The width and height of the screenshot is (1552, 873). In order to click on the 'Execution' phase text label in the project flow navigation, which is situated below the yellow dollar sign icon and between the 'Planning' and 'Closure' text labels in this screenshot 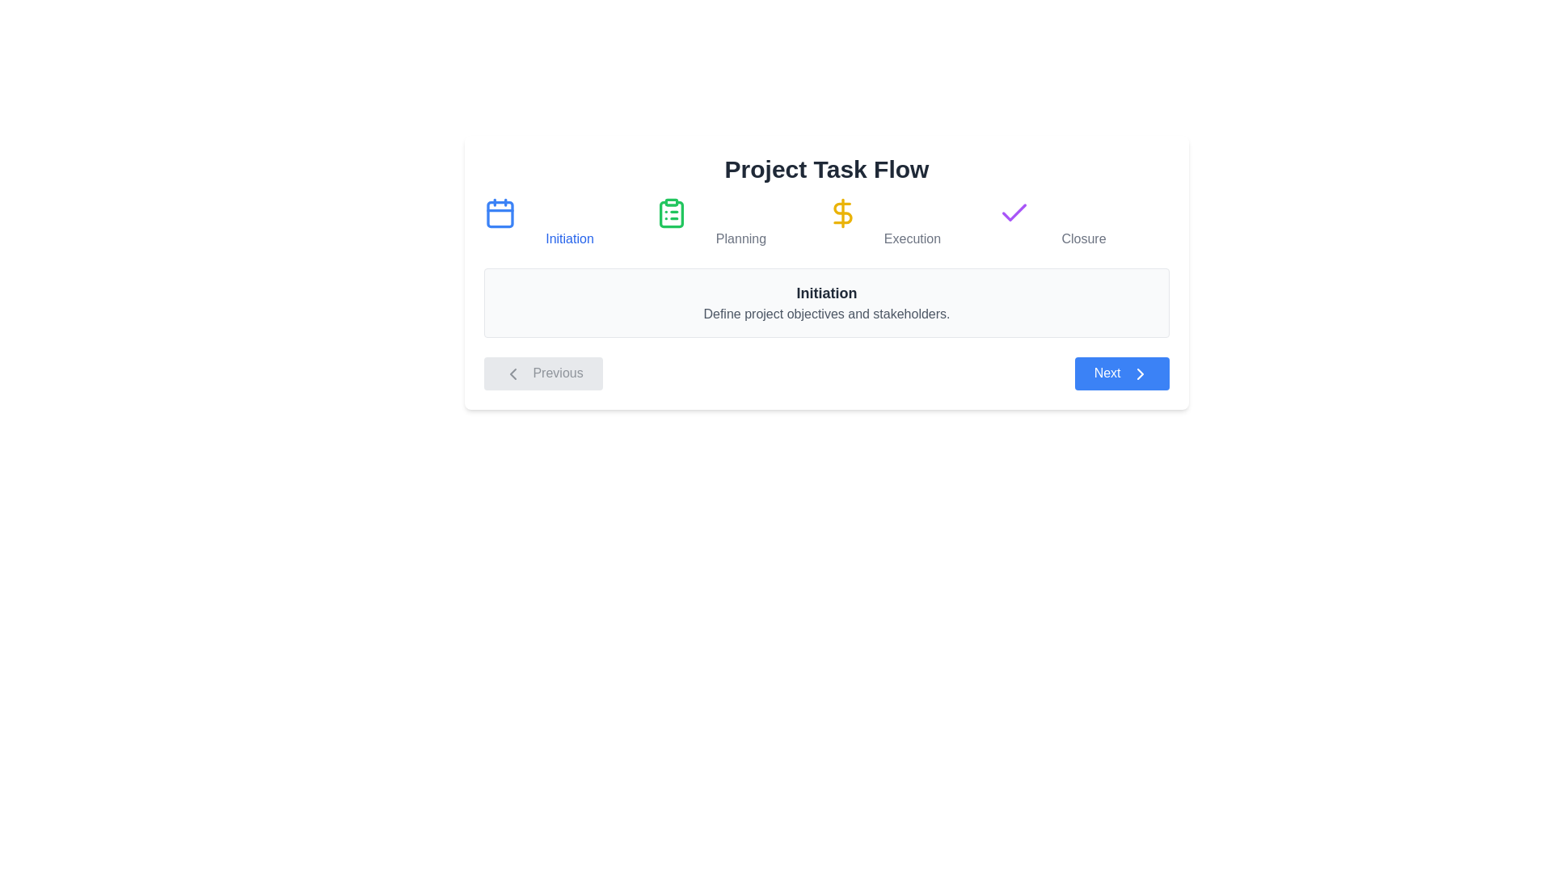, I will do `click(912, 239)`.